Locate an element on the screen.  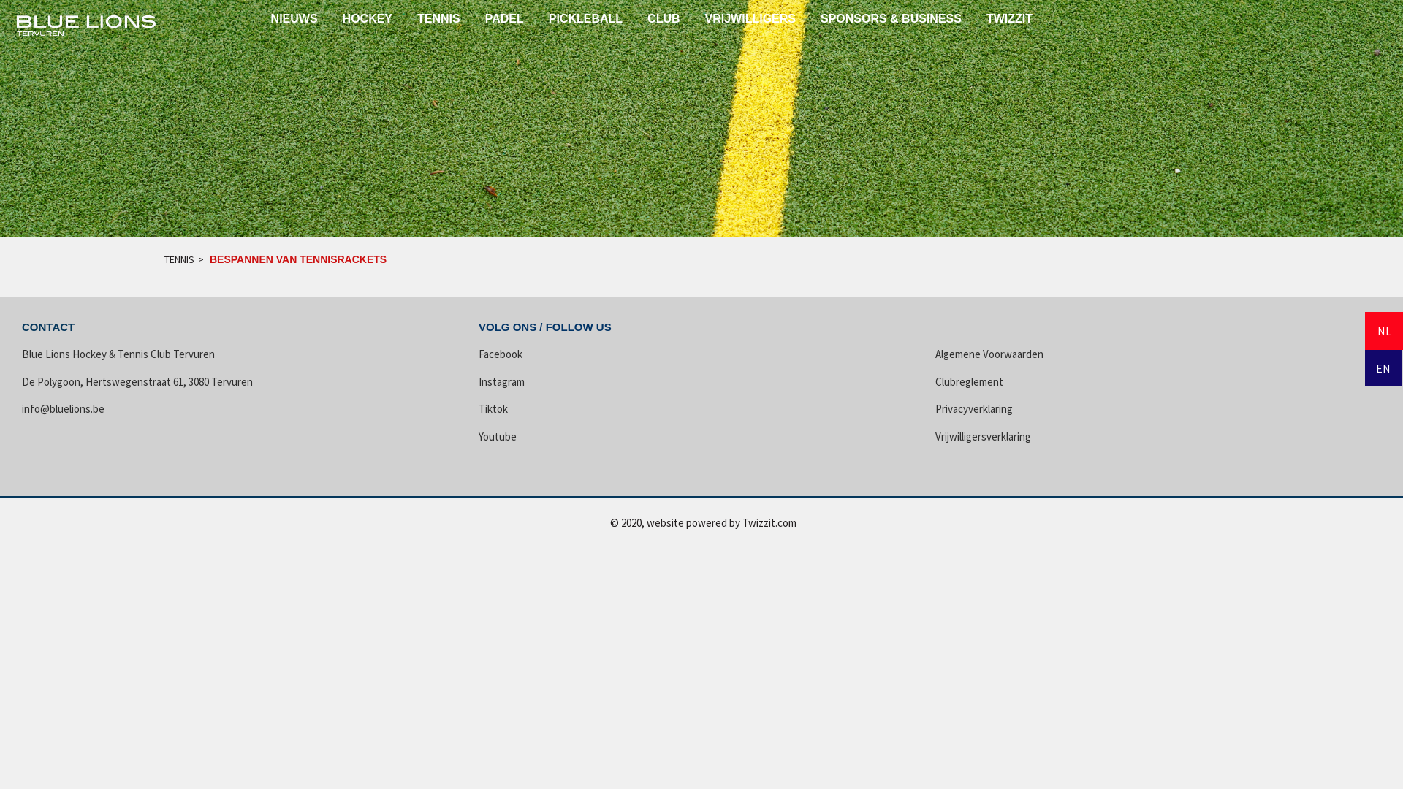
'TWIZZIT' is located at coordinates (986, 19).